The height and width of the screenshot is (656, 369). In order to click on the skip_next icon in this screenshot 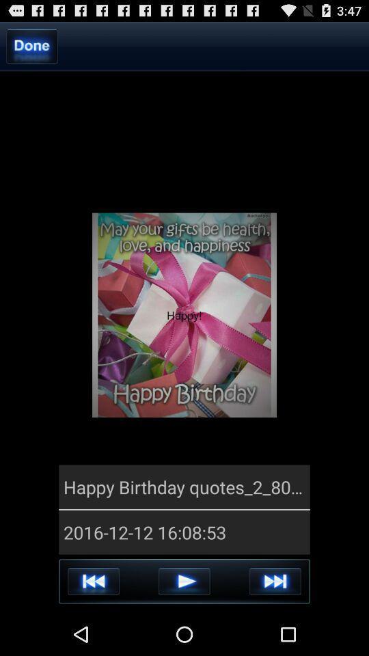, I will do `click(275, 622)`.